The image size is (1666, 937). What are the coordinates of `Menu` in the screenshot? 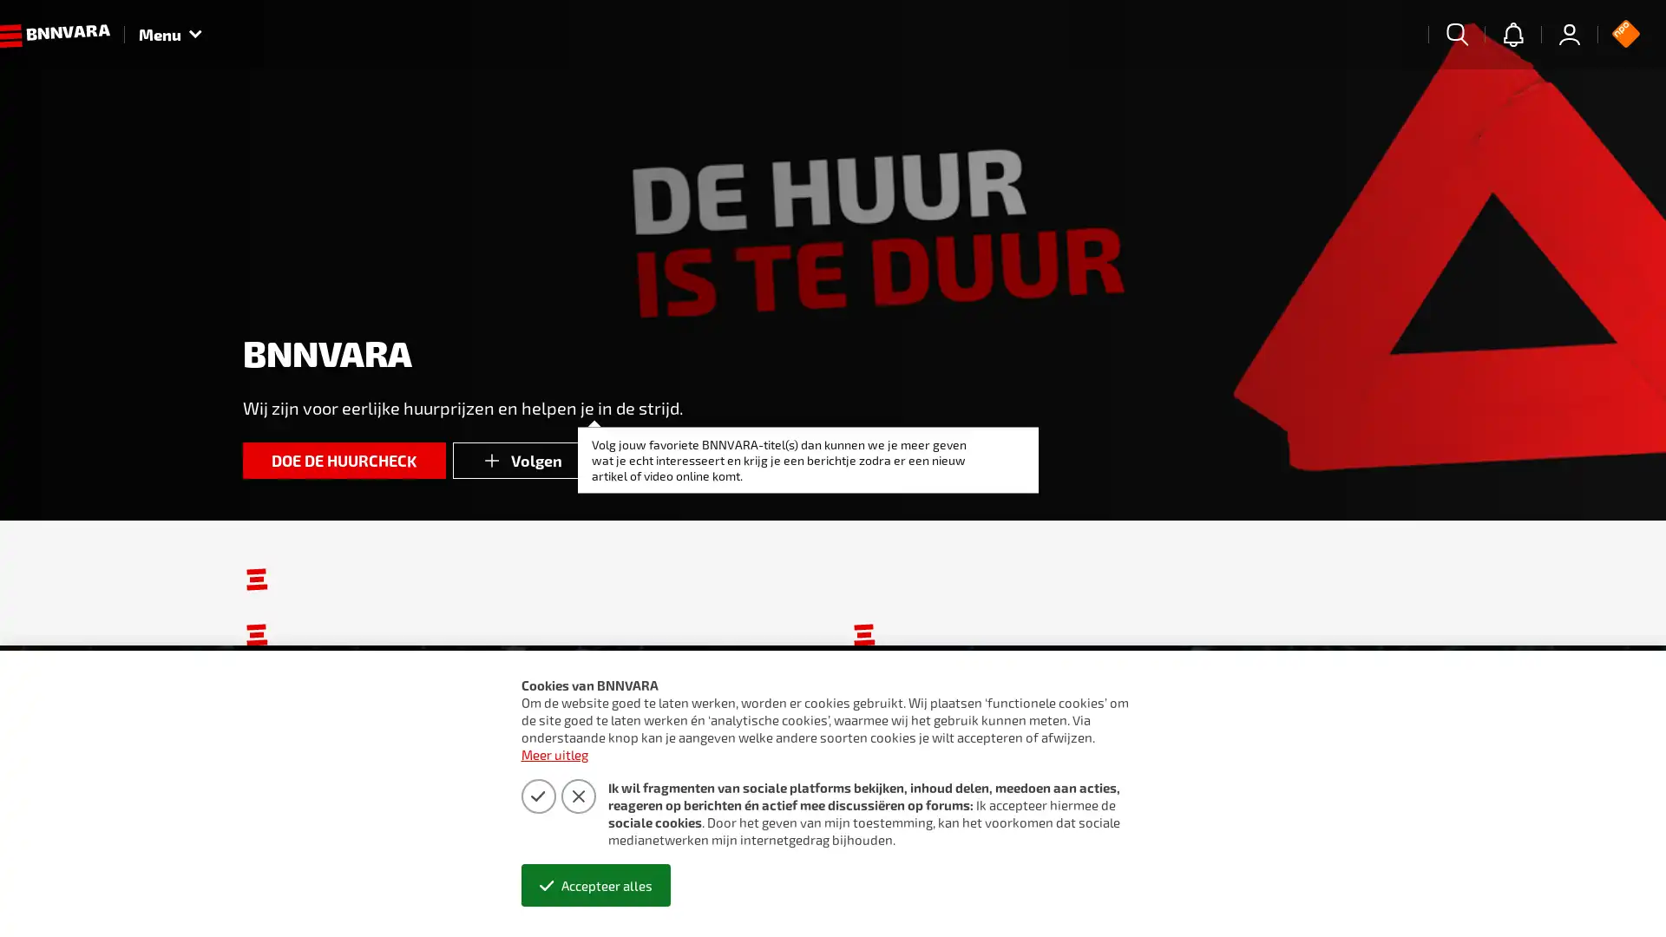 It's located at (170, 34).